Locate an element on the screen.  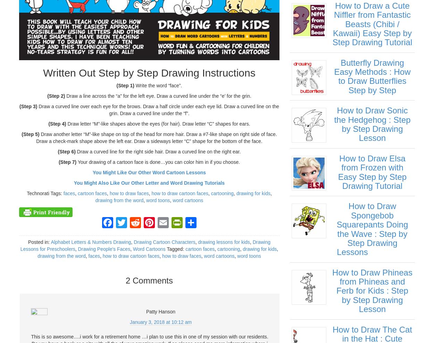
'Drawing Cartoon Characters' is located at coordinates (134, 241).